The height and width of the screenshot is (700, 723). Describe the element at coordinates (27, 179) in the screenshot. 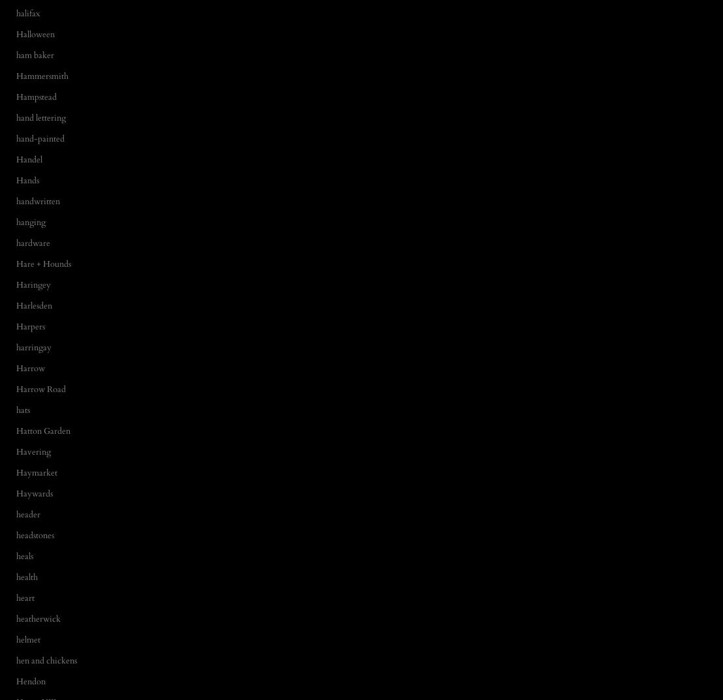

I see `'Hands'` at that location.